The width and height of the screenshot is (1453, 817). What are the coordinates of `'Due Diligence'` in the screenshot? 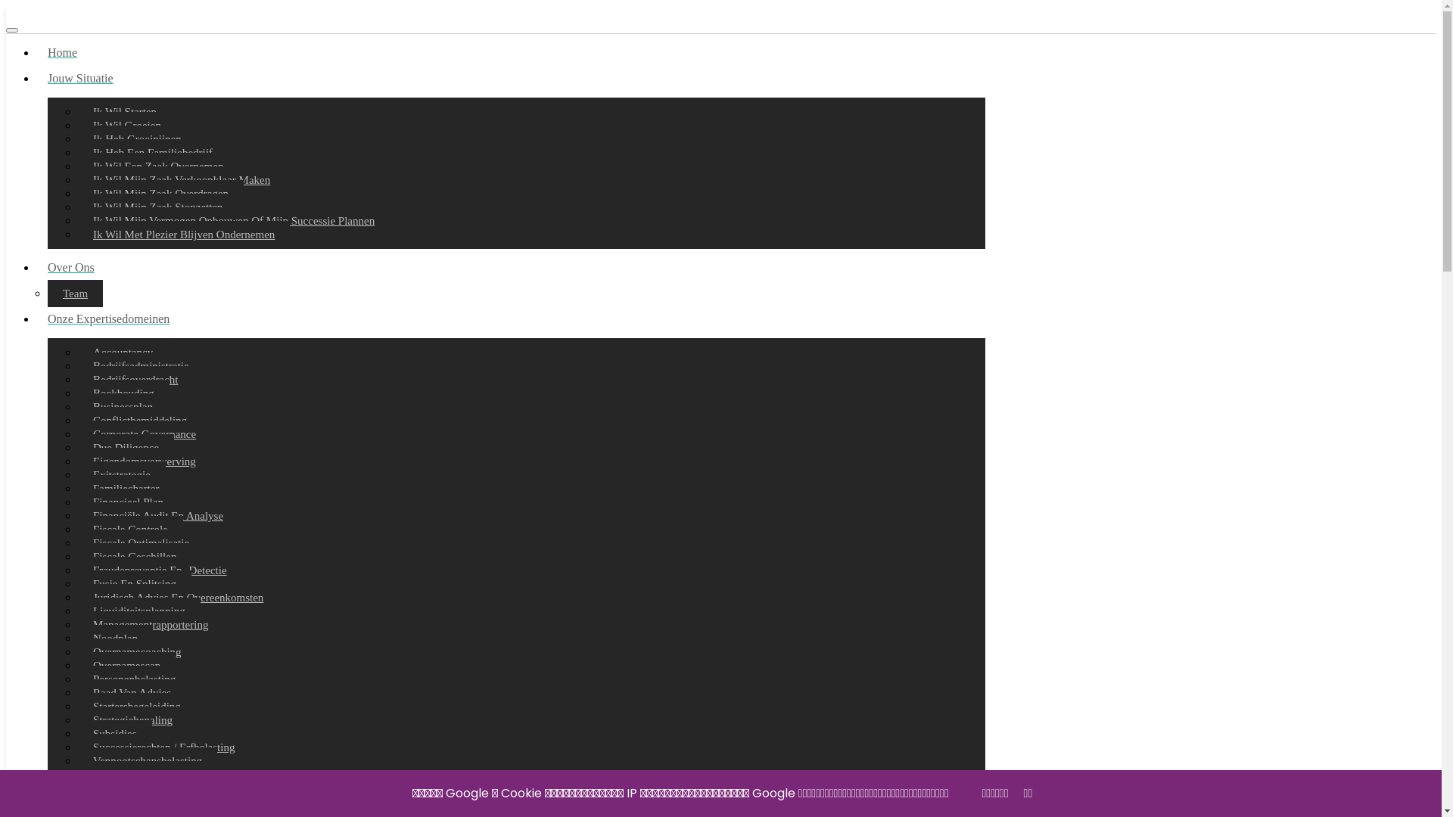 It's located at (126, 446).